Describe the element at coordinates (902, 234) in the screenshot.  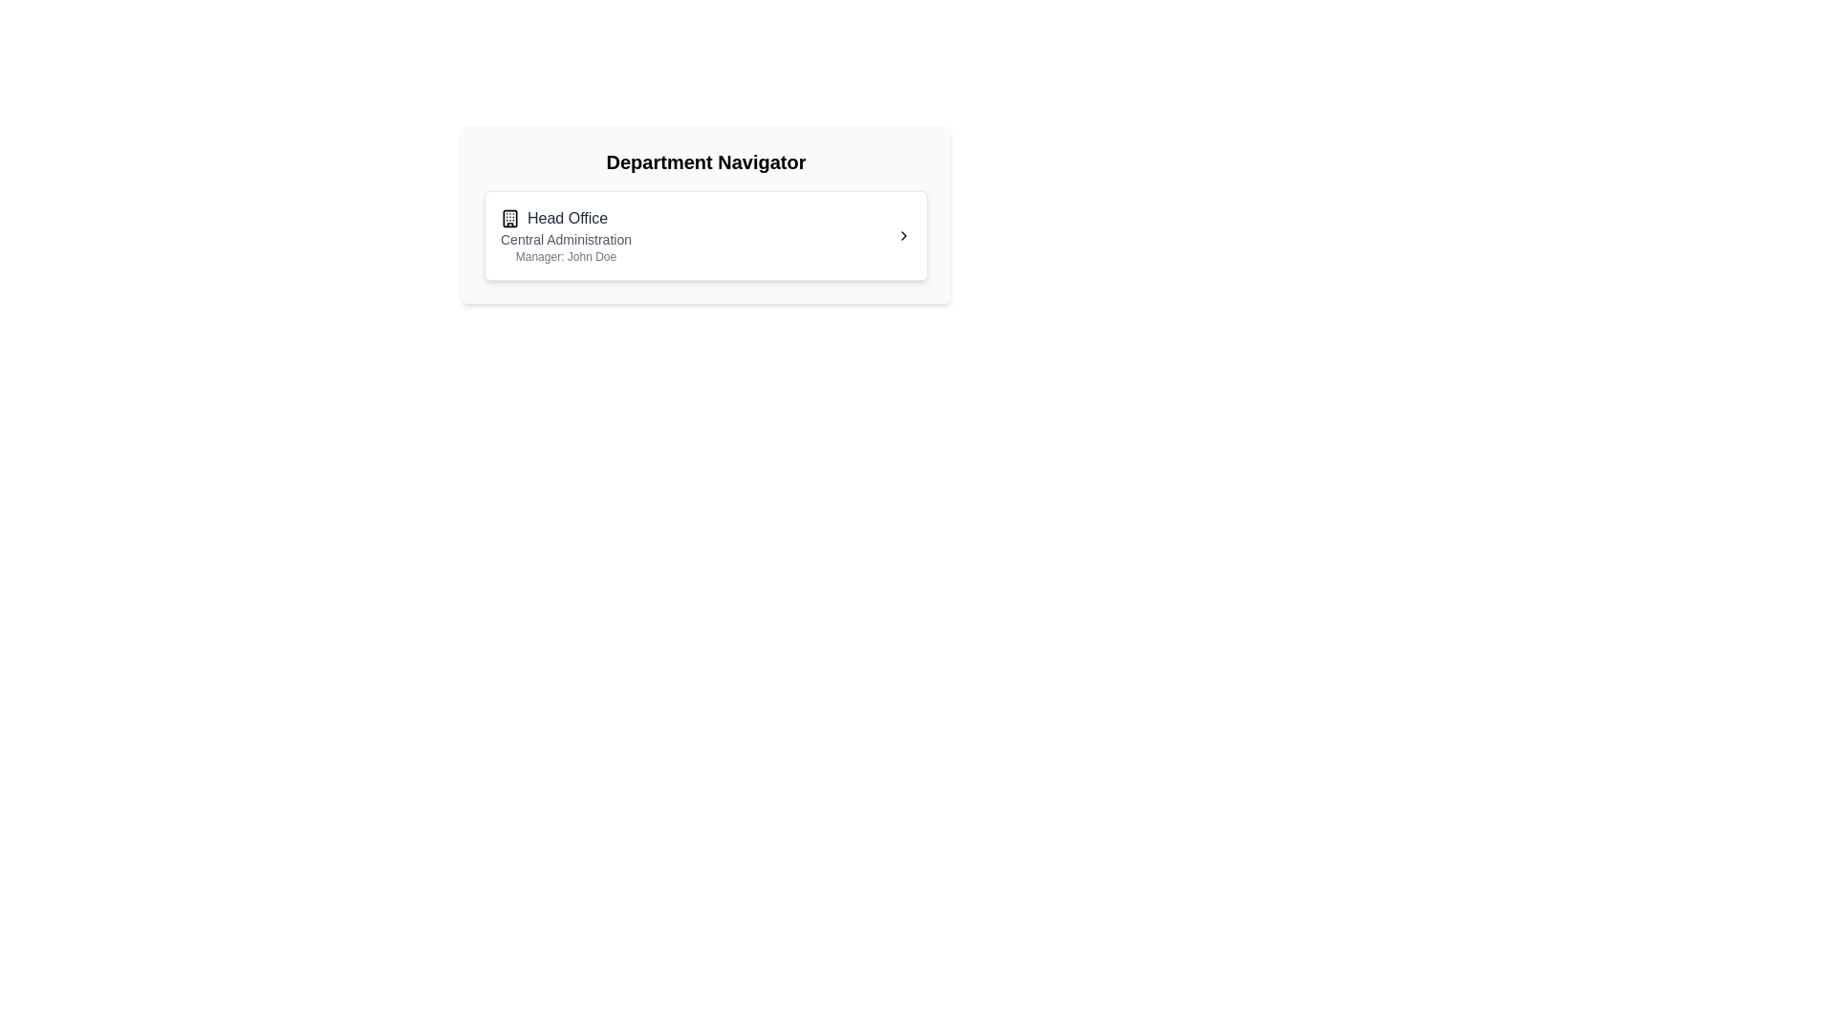
I see `the chevron icon located at the far right side of the 'Head Office' panel in the 'Department Navigator' section` at that location.